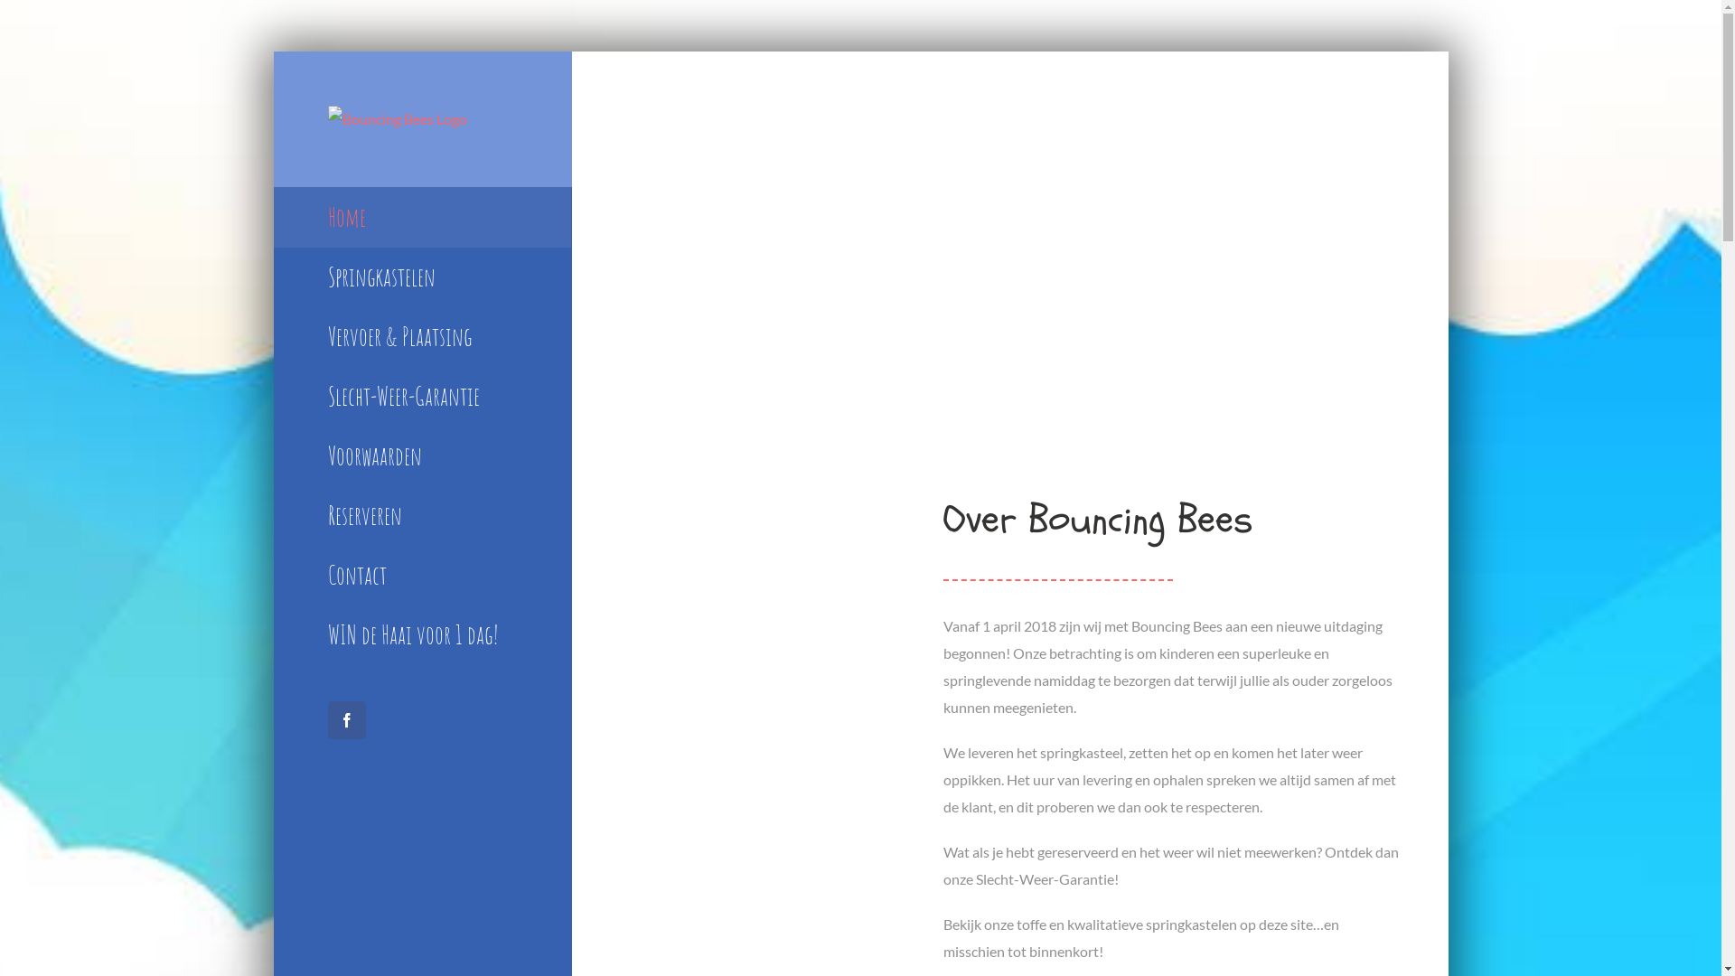  What do you see at coordinates (420, 515) in the screenshot?
I see `'Reserveren'` at bounding box center [420, 515].